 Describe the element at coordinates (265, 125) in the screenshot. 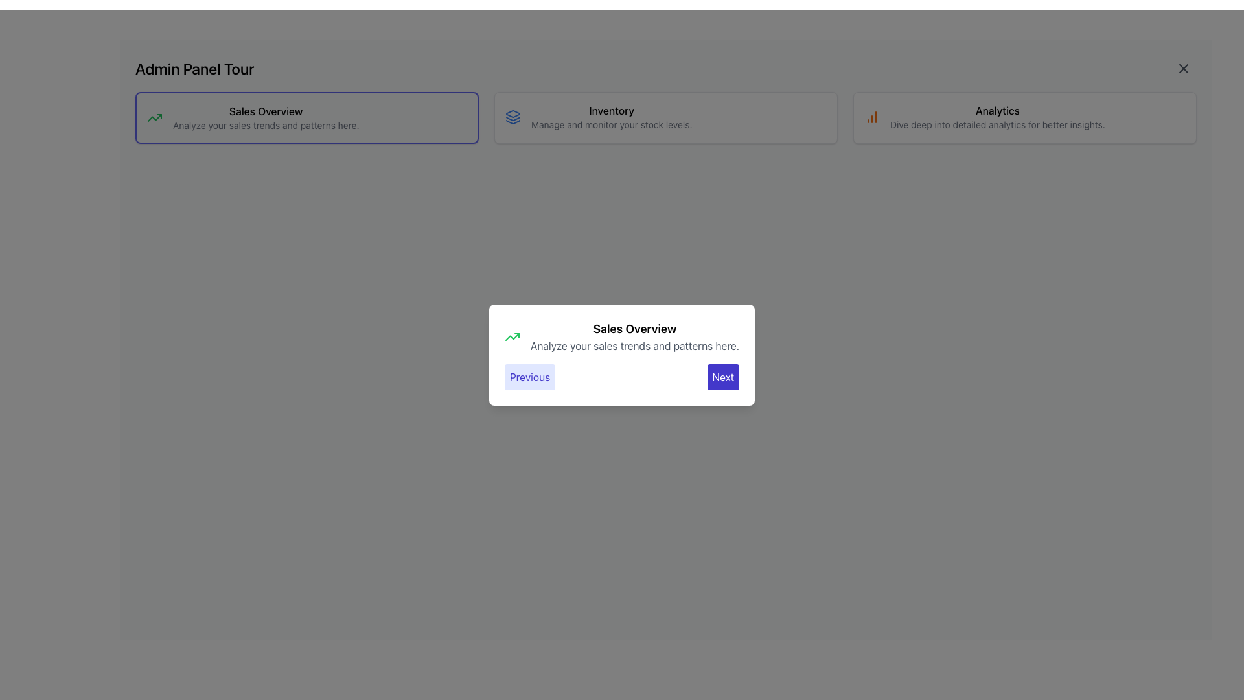

I see `the descriptive text label providing details about the 'Sales Overview' module, located below the heading 'Sales Overview'` at that location.